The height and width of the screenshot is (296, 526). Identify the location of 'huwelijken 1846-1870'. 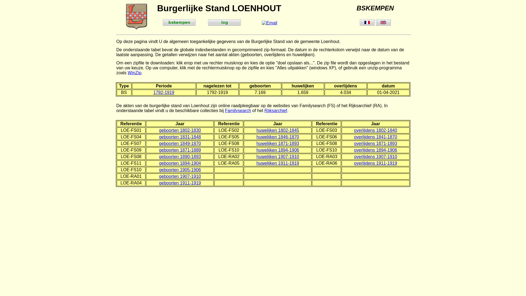
(256, 136).